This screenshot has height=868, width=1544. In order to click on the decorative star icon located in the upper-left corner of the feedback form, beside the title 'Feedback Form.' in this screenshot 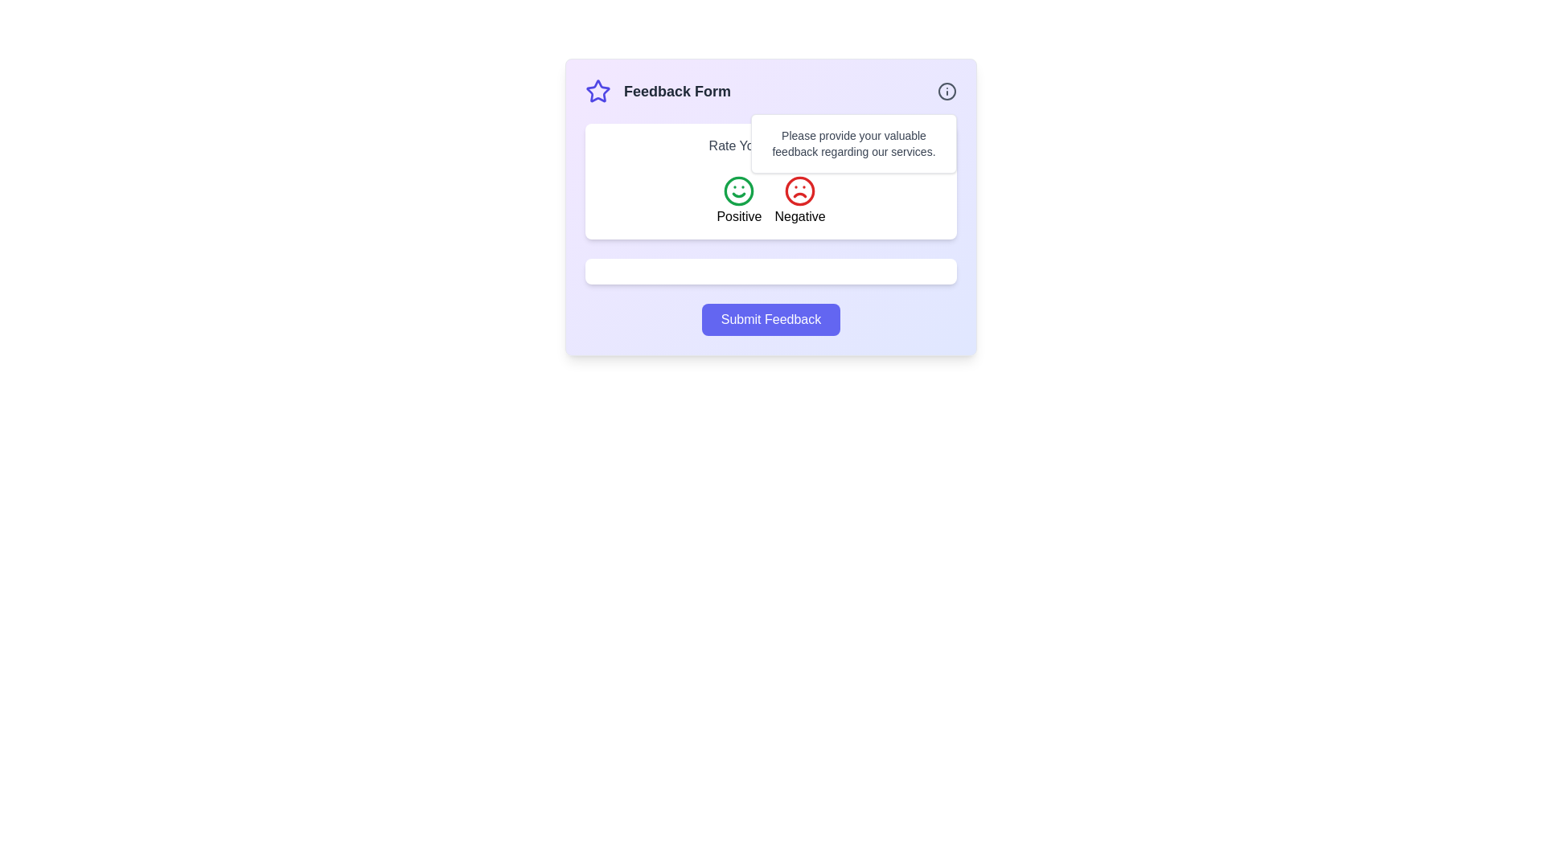, I will do `click(597, 91)`.